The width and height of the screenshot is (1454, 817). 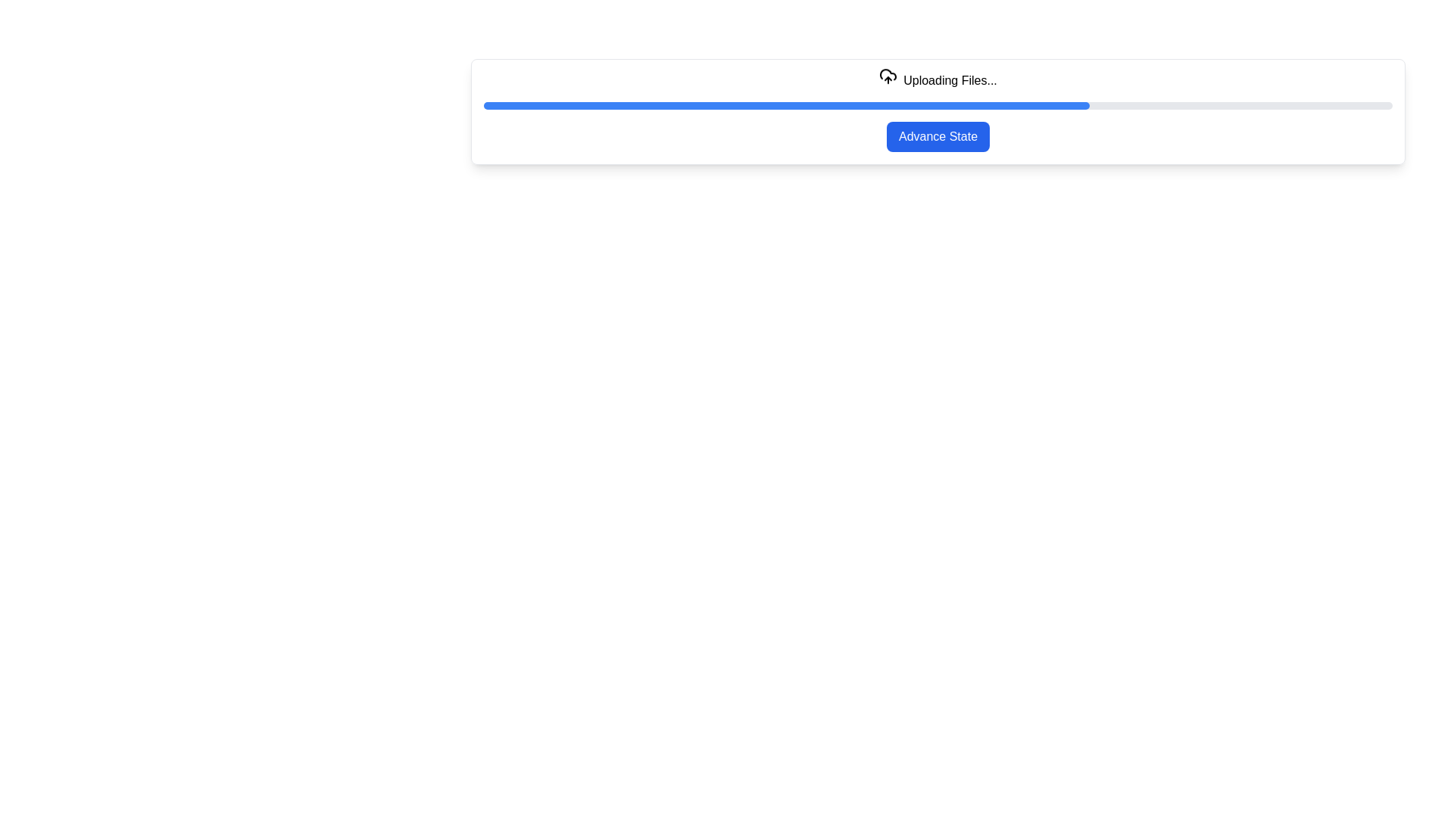 What do you see at coordinates (937, 104) in the screenshot?
I see `the progress bar that visually represents the progress of a file upload task, located beneath the 'Uploading Files...' text and above the 'Advance State' button` at bounding box center [937, 104].